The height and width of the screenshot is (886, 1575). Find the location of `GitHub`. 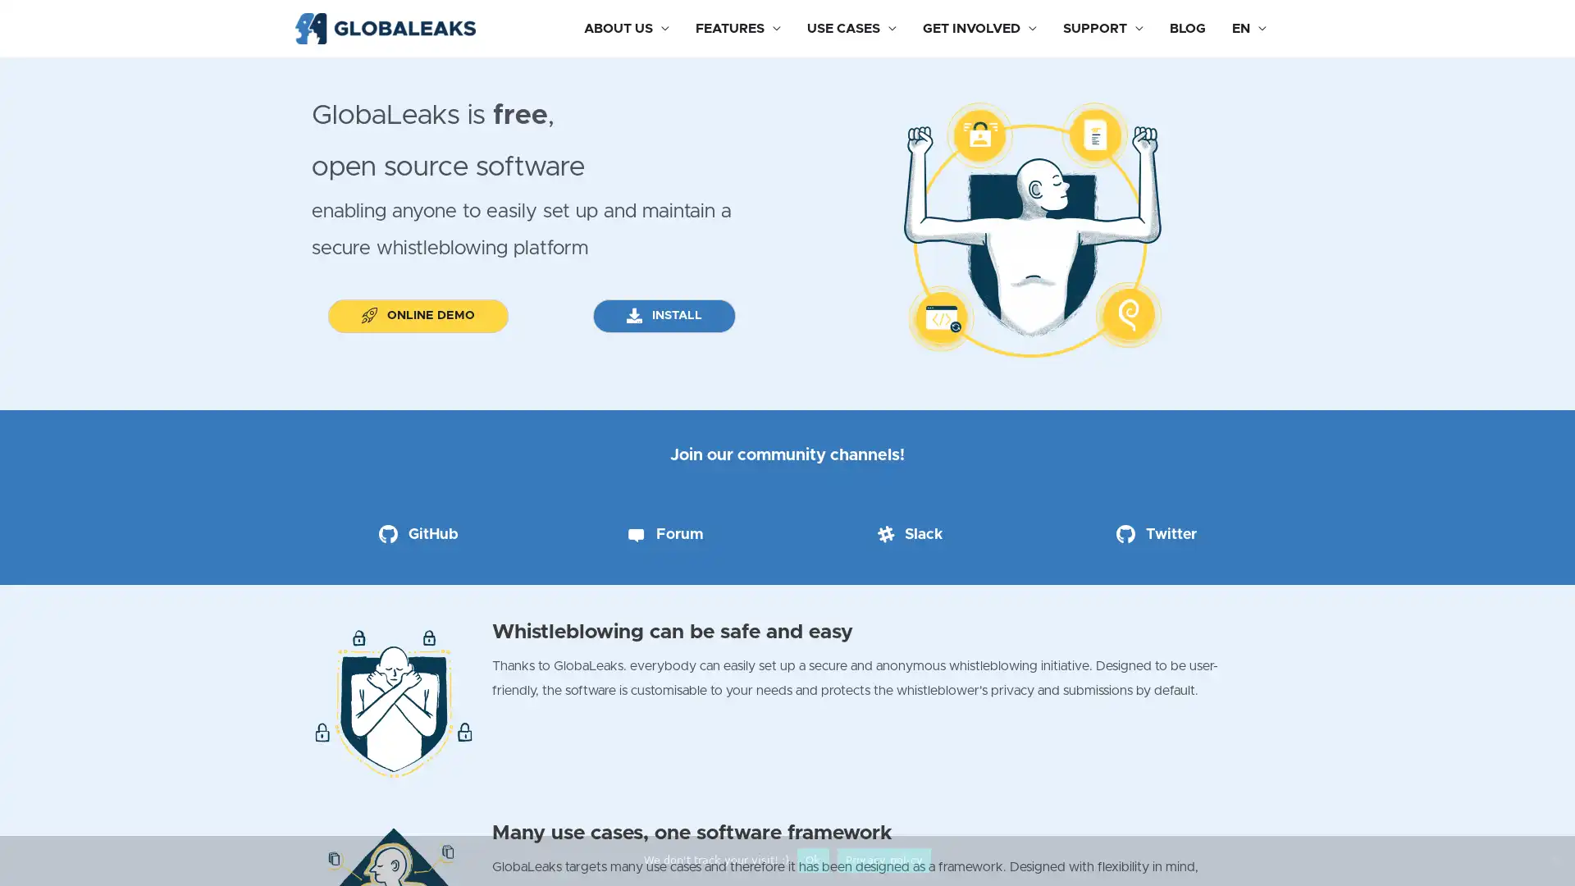

GitHub is located at coordinates (418, 534).